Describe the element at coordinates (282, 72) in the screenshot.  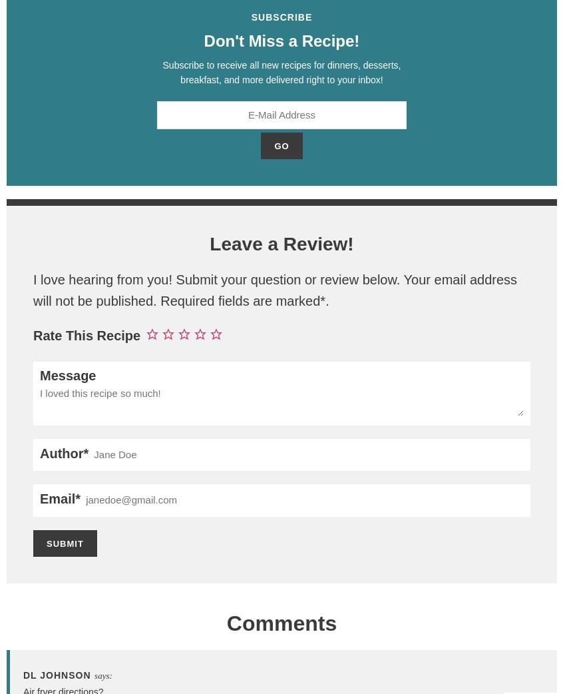
I see `'Subscribe to receive all new recipes for dinners, desserts, breakfast, and more delivered right to your inbox!'` at that location.